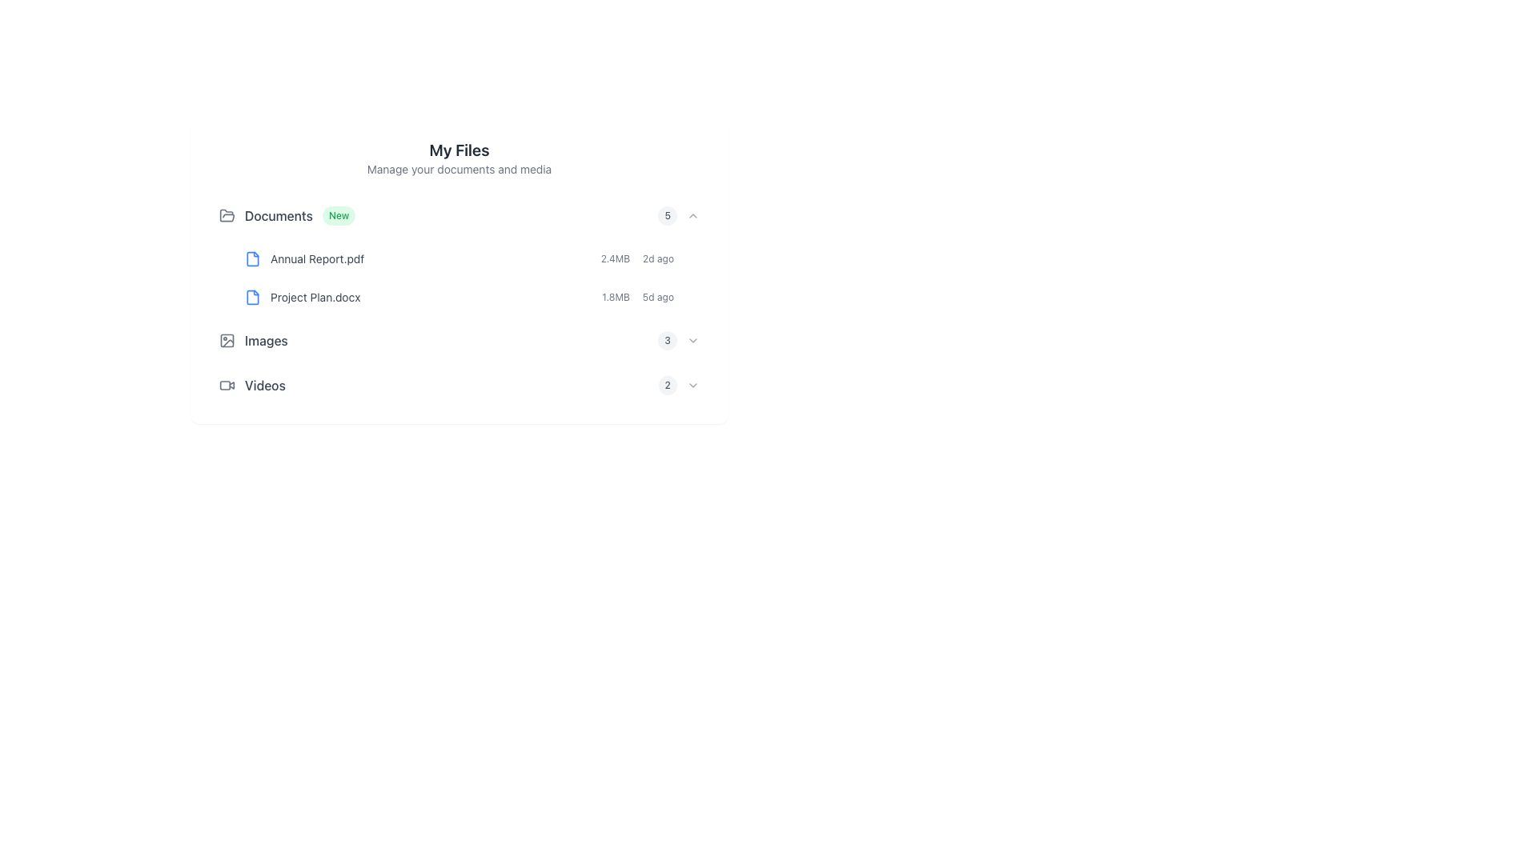 This screenshot has height=864, width=1537. Describe the element at coordinates (338, 216) in the screenshot. I see `the Badge or Label indicating new content associated with the 'Documents' section, located to the right of the text 'Documents.'` at that location.